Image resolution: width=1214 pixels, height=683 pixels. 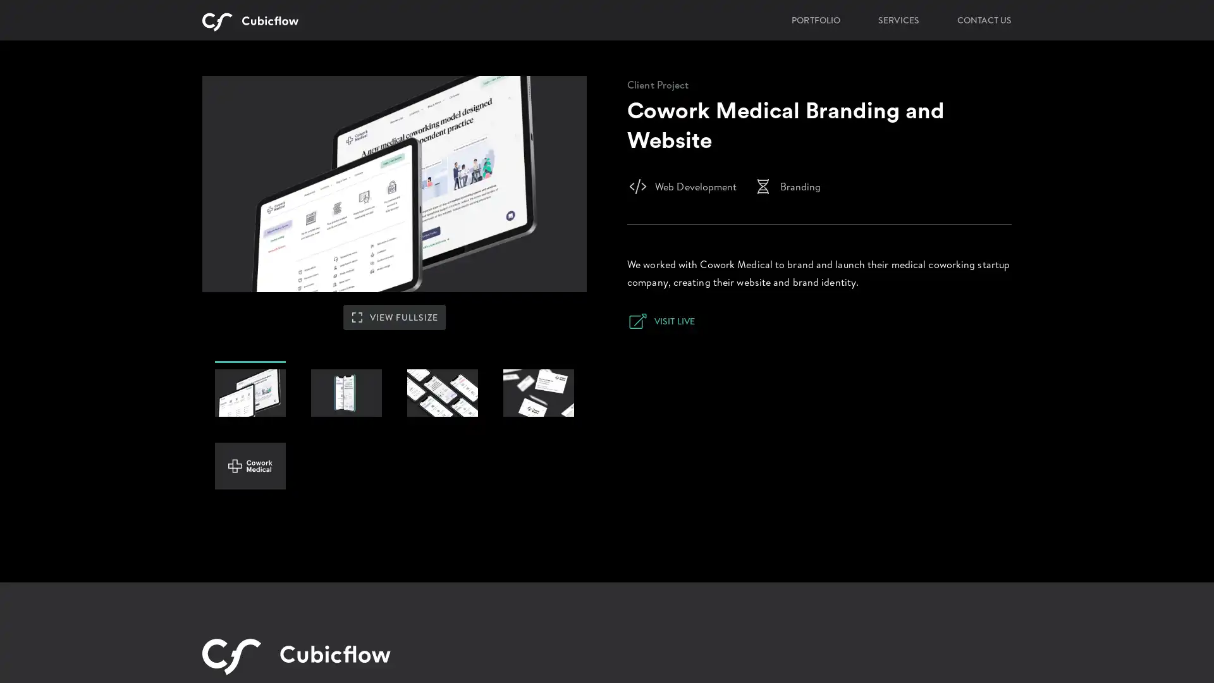 I want to click on #, so click(x=250, y=436).